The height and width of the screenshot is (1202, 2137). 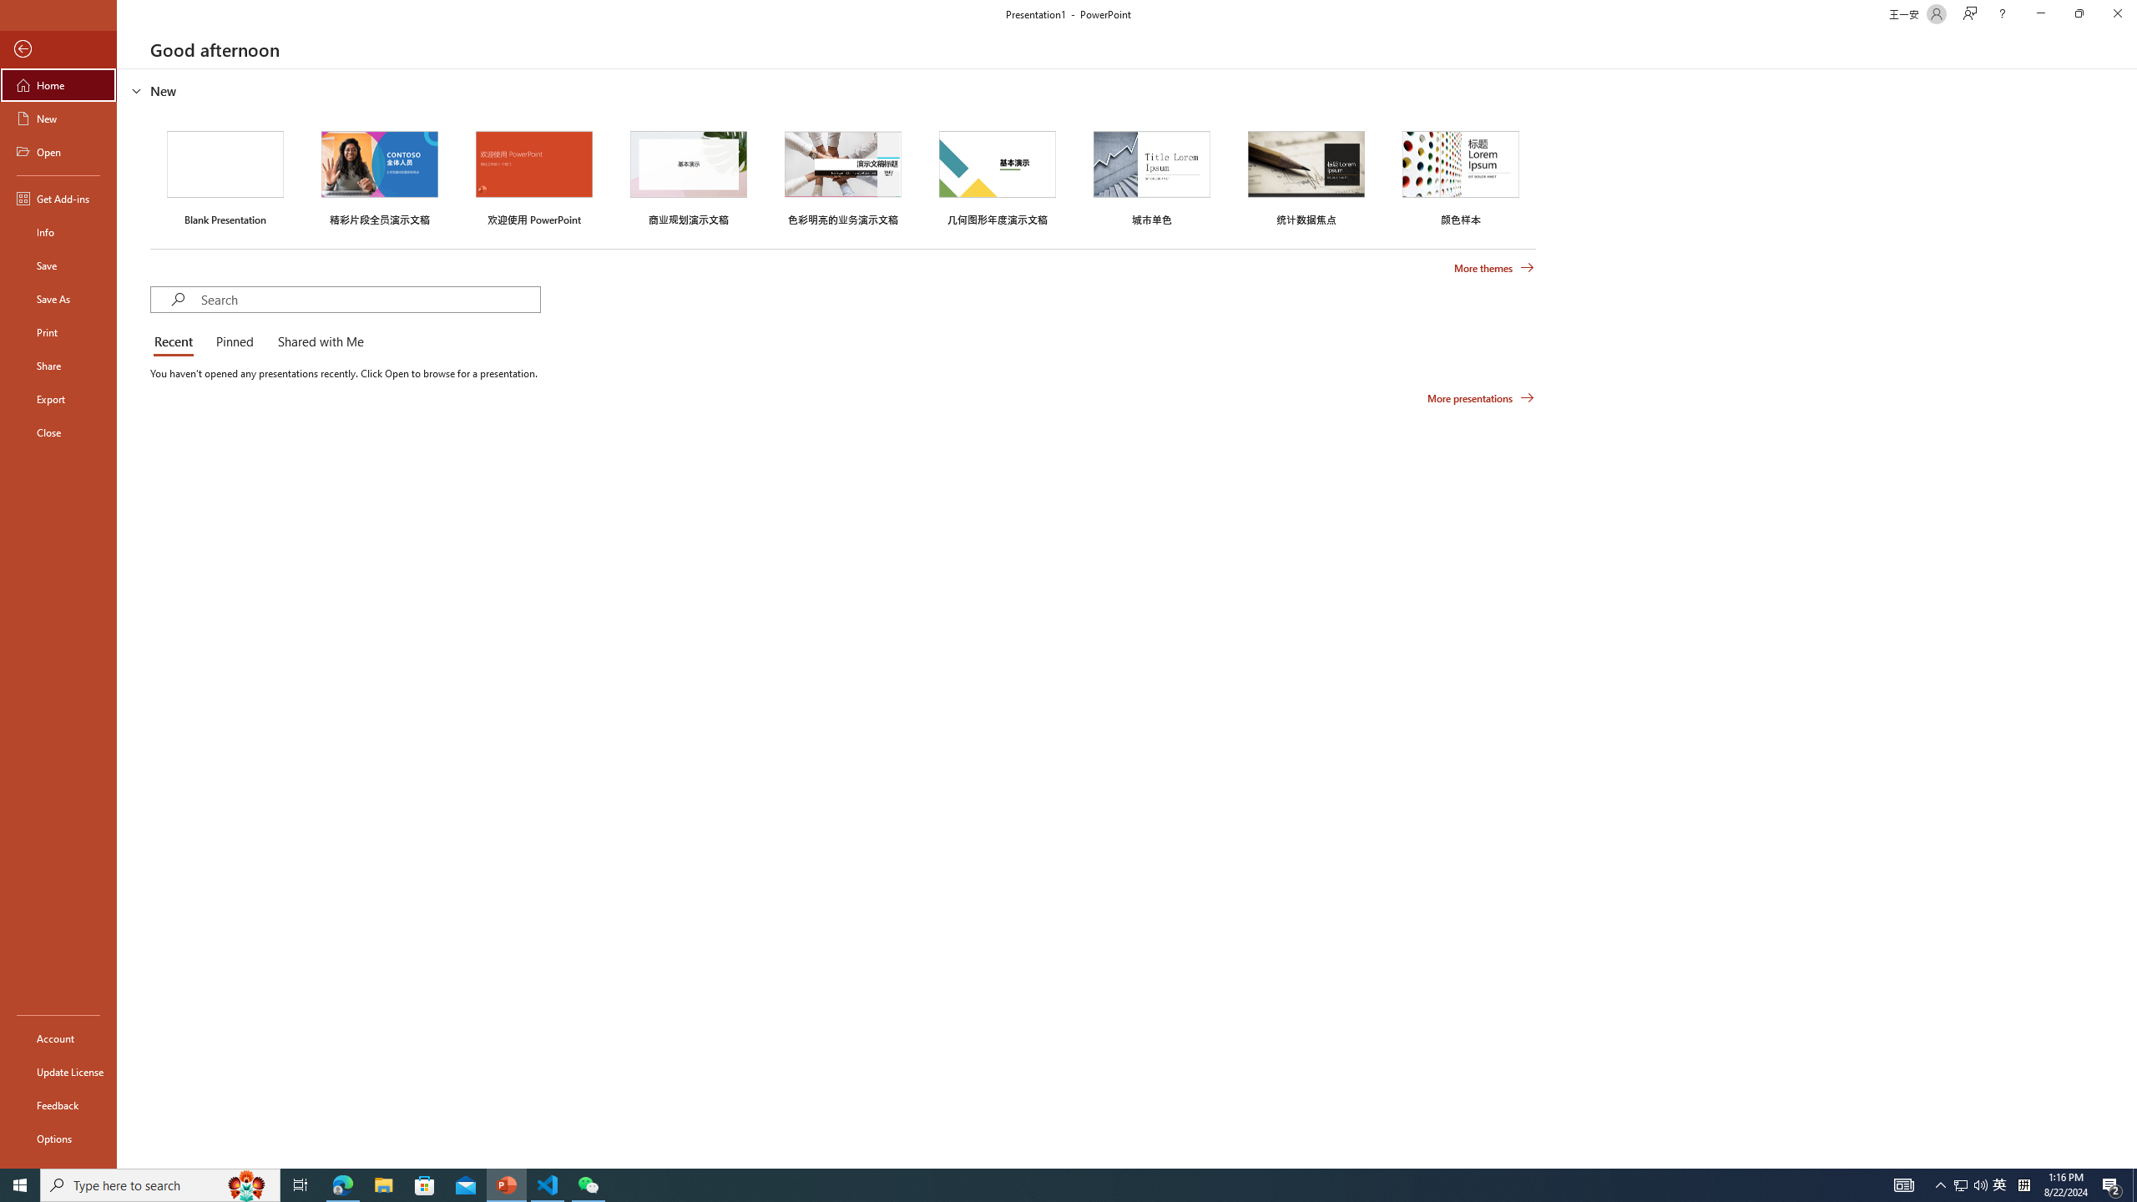 What do you see at coordinates (136, 89) in the screenshot?
I see `'Hide or show region'` at bounding box center [136, 89].